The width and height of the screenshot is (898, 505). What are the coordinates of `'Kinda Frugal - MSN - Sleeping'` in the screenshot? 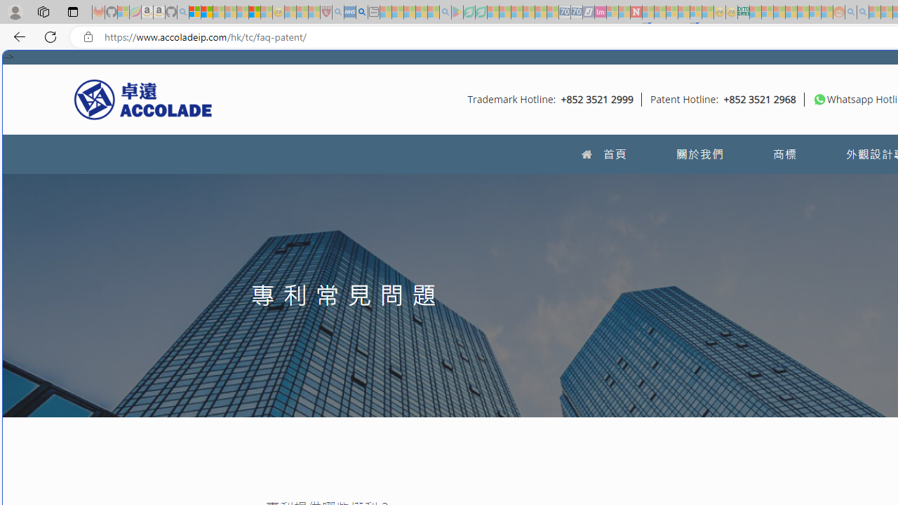 It's located at (803, 12).